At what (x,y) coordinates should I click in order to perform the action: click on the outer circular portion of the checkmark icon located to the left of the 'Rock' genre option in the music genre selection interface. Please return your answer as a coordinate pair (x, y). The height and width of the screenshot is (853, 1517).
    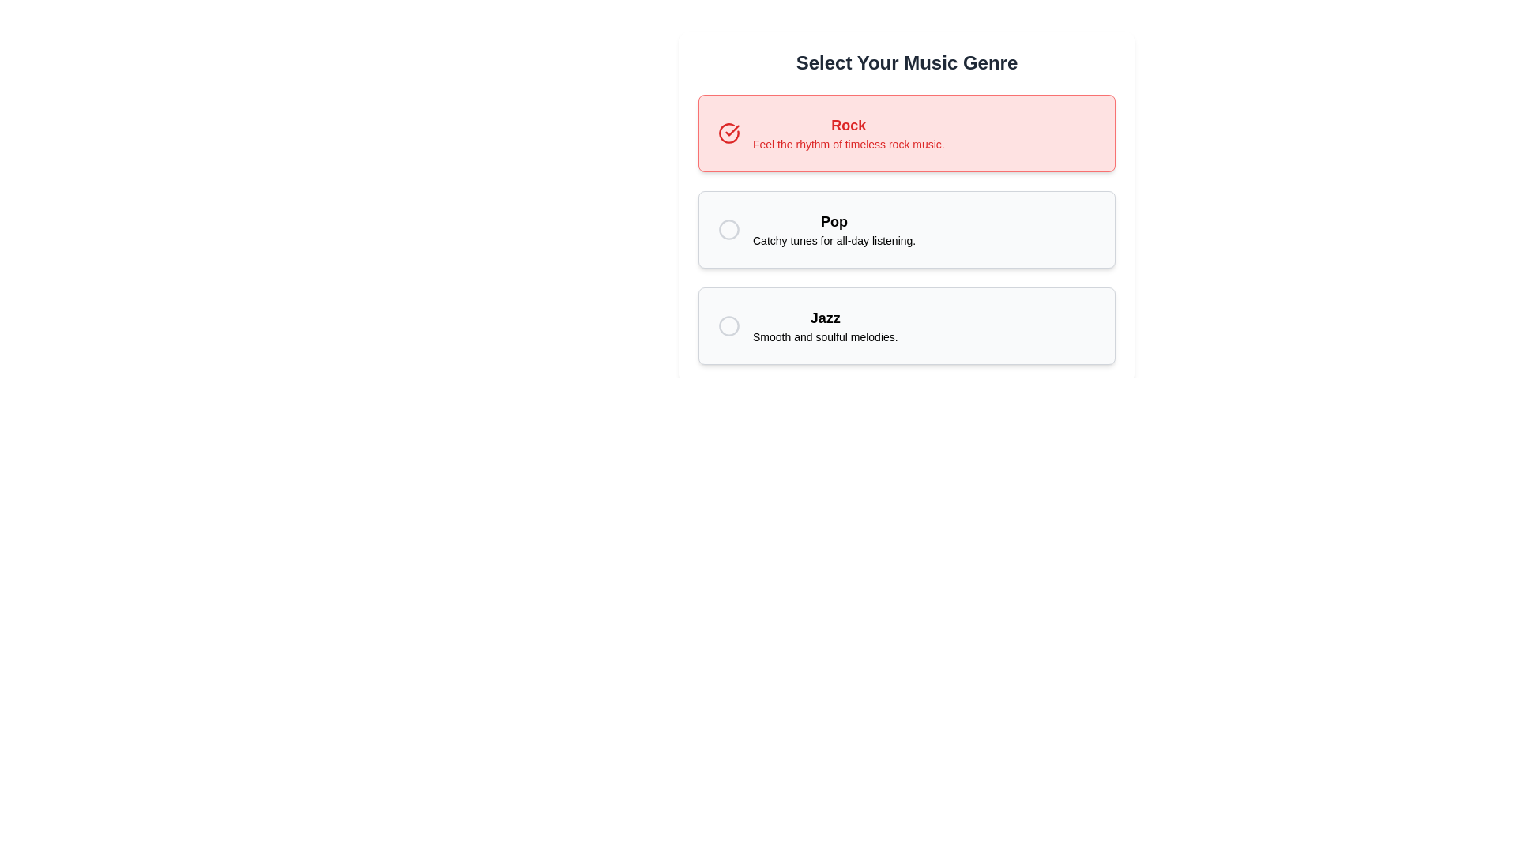
    Looking at the image, I should click on (728, 133).